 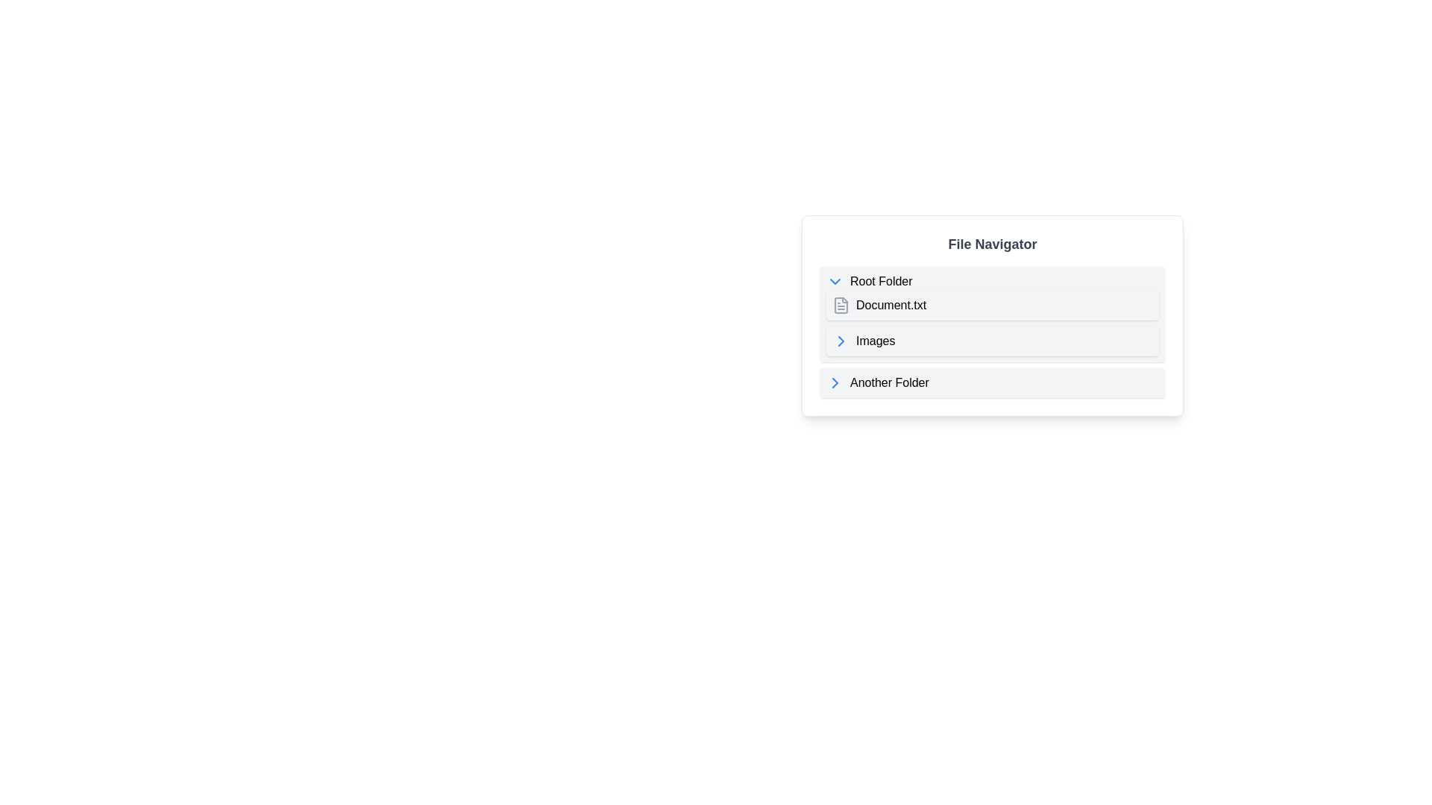 I want to click on the file entry for 'Document.txt' in the file navigator interface, so click(x=992, y=304).